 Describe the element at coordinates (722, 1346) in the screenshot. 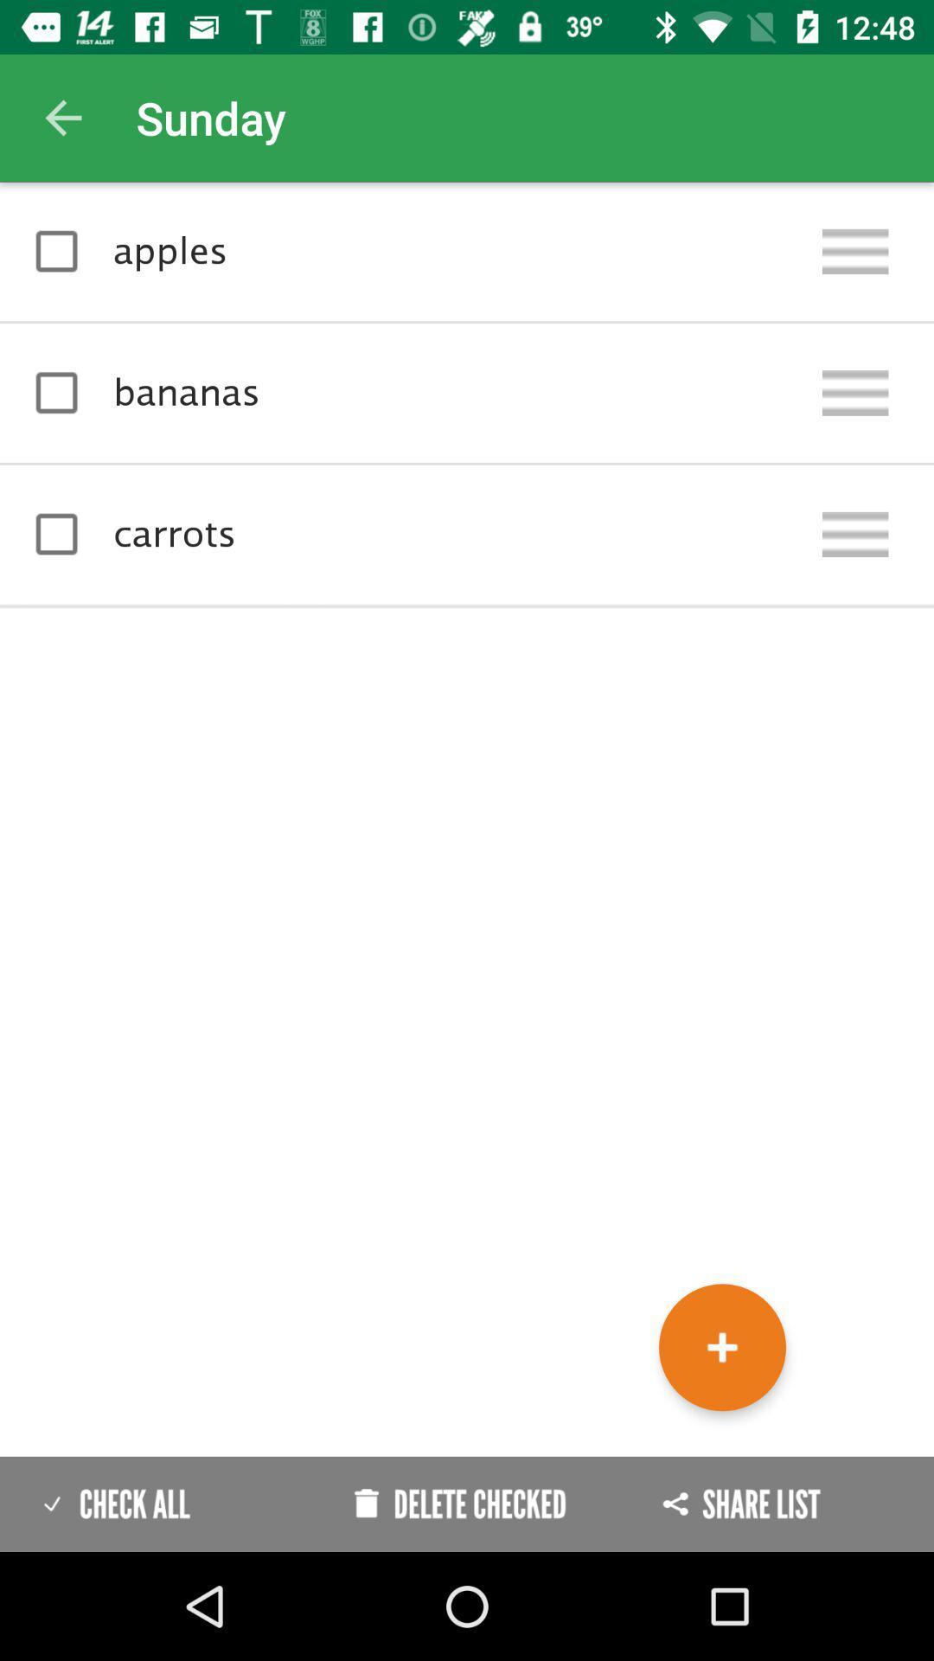

I see `the add icon` at that location.